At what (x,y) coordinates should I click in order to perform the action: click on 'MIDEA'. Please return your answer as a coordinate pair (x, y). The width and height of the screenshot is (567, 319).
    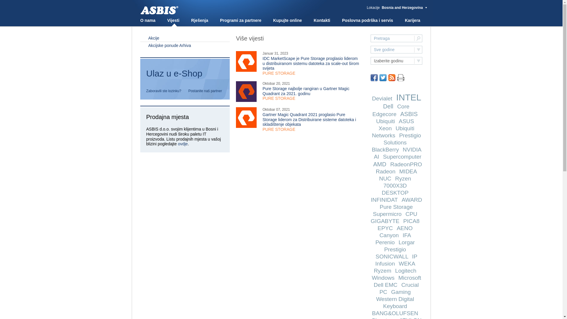
    Looking at the image, I should click on (399, 171).